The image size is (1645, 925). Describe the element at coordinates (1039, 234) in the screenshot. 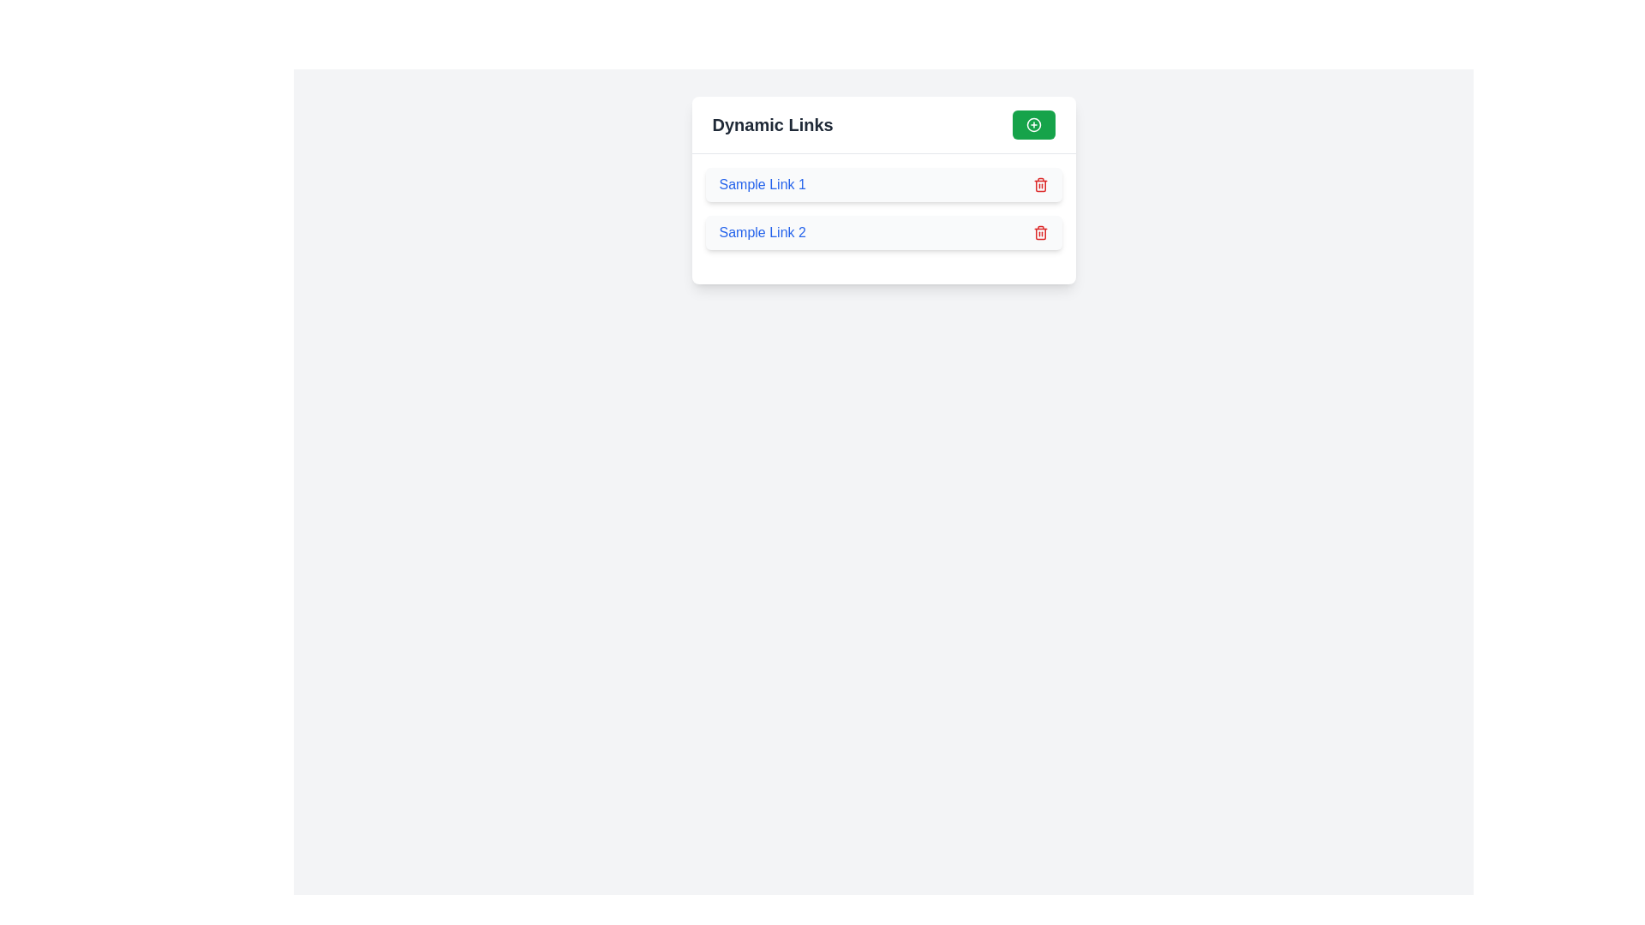

I see `the deletion icon located to the far right of the list item labeled 'Sample Link 2' to initiate the delete operation` at that location.